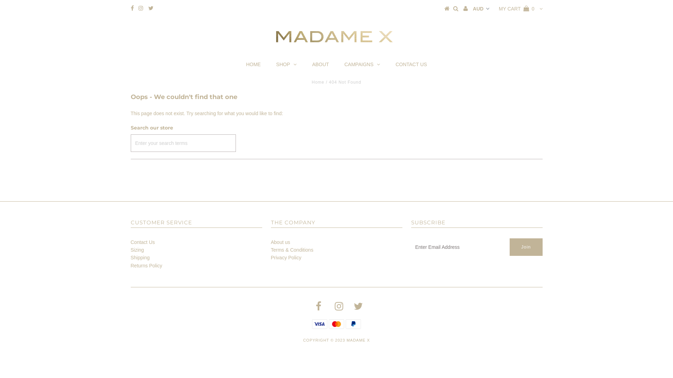  What do you see at coordinates (142, 241) in the screenshot?
I see `'Contact Us'` at bounding box center [142, 241].